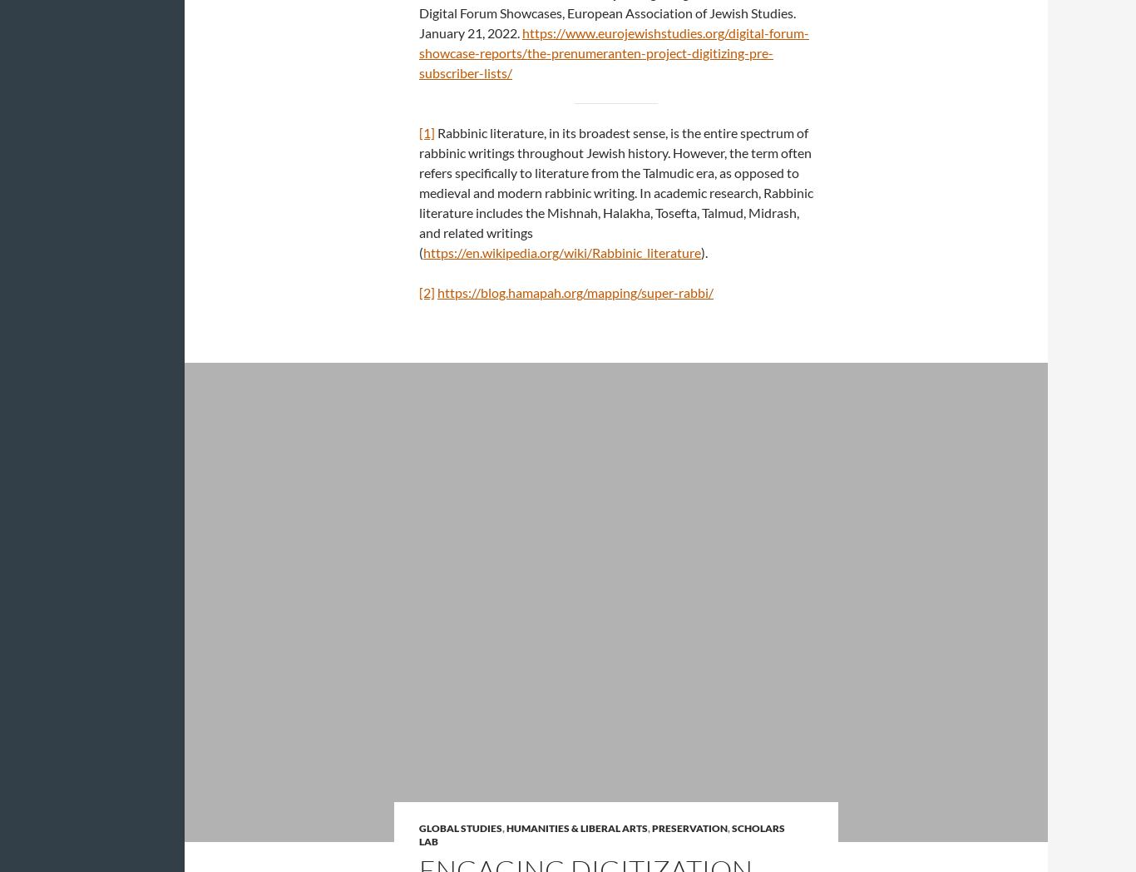 The image size is (1136, 872). Describe the element at coordinates (427, 132) in the screenshot. I see `'[1]'` at that location.